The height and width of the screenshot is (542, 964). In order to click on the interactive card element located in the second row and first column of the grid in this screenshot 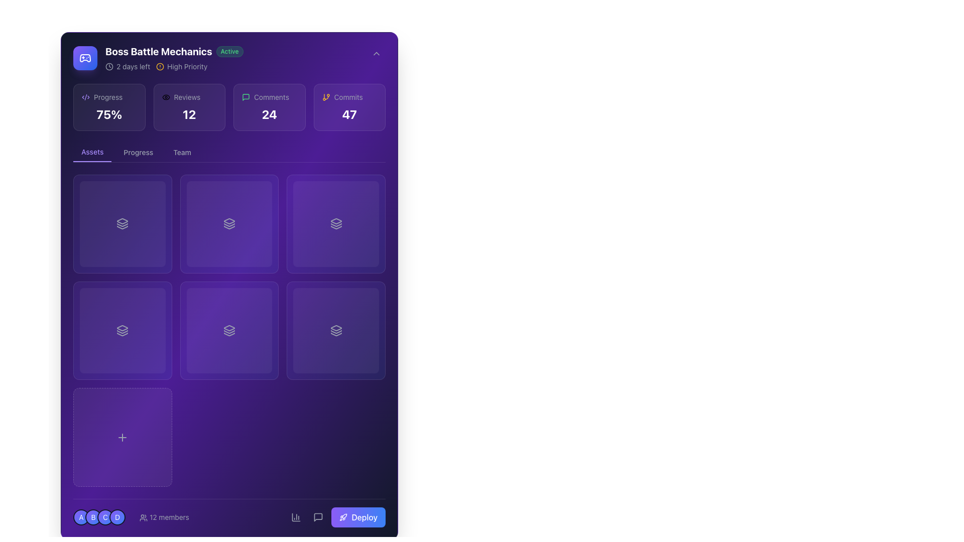, I will do `click(122, 331)`.